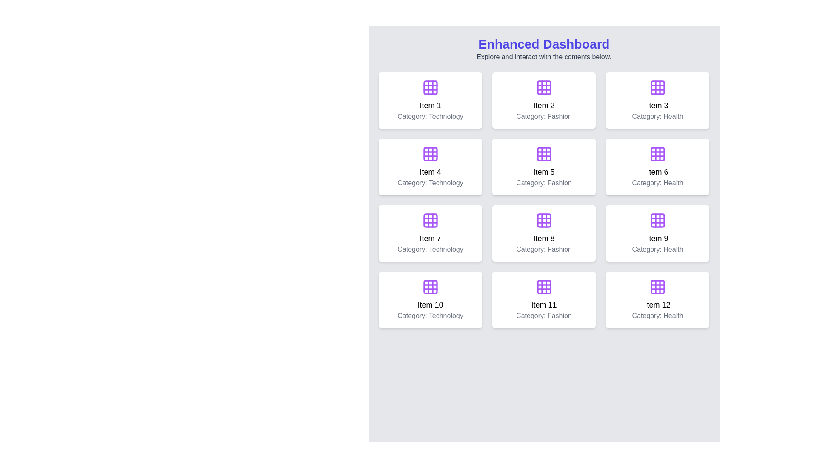 The image size is (817, 460). What do you see at coordinates (430, 87) in the screenshot?
I see `the decorative SVG element located in the bottom-right cell of the grid-like icon within 'Item 1' on the dashboard` at bounding box center [430, 87].